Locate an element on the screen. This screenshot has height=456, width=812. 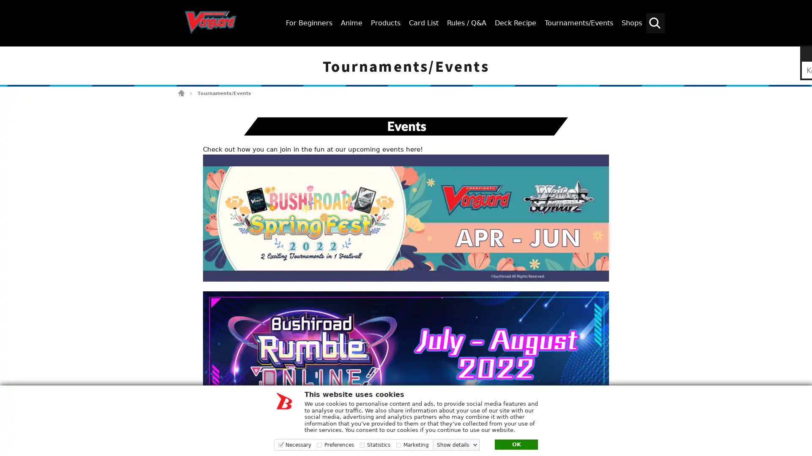
Search is located at coordinates (801, 54).